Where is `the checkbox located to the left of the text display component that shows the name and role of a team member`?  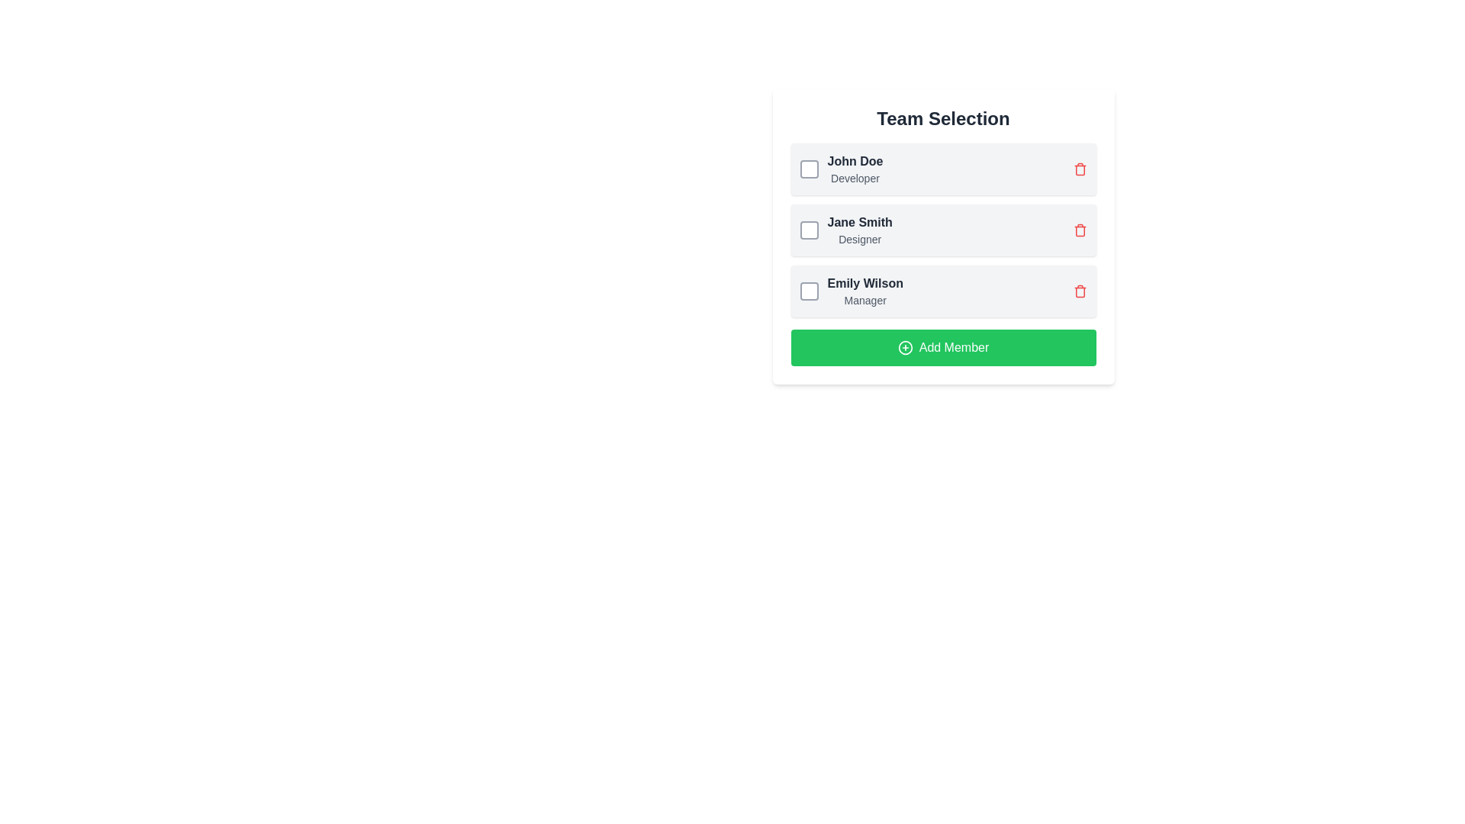 the checkbox located to the left of the text display component that shows the name and role of a team member is located at coordinates (839, 169).